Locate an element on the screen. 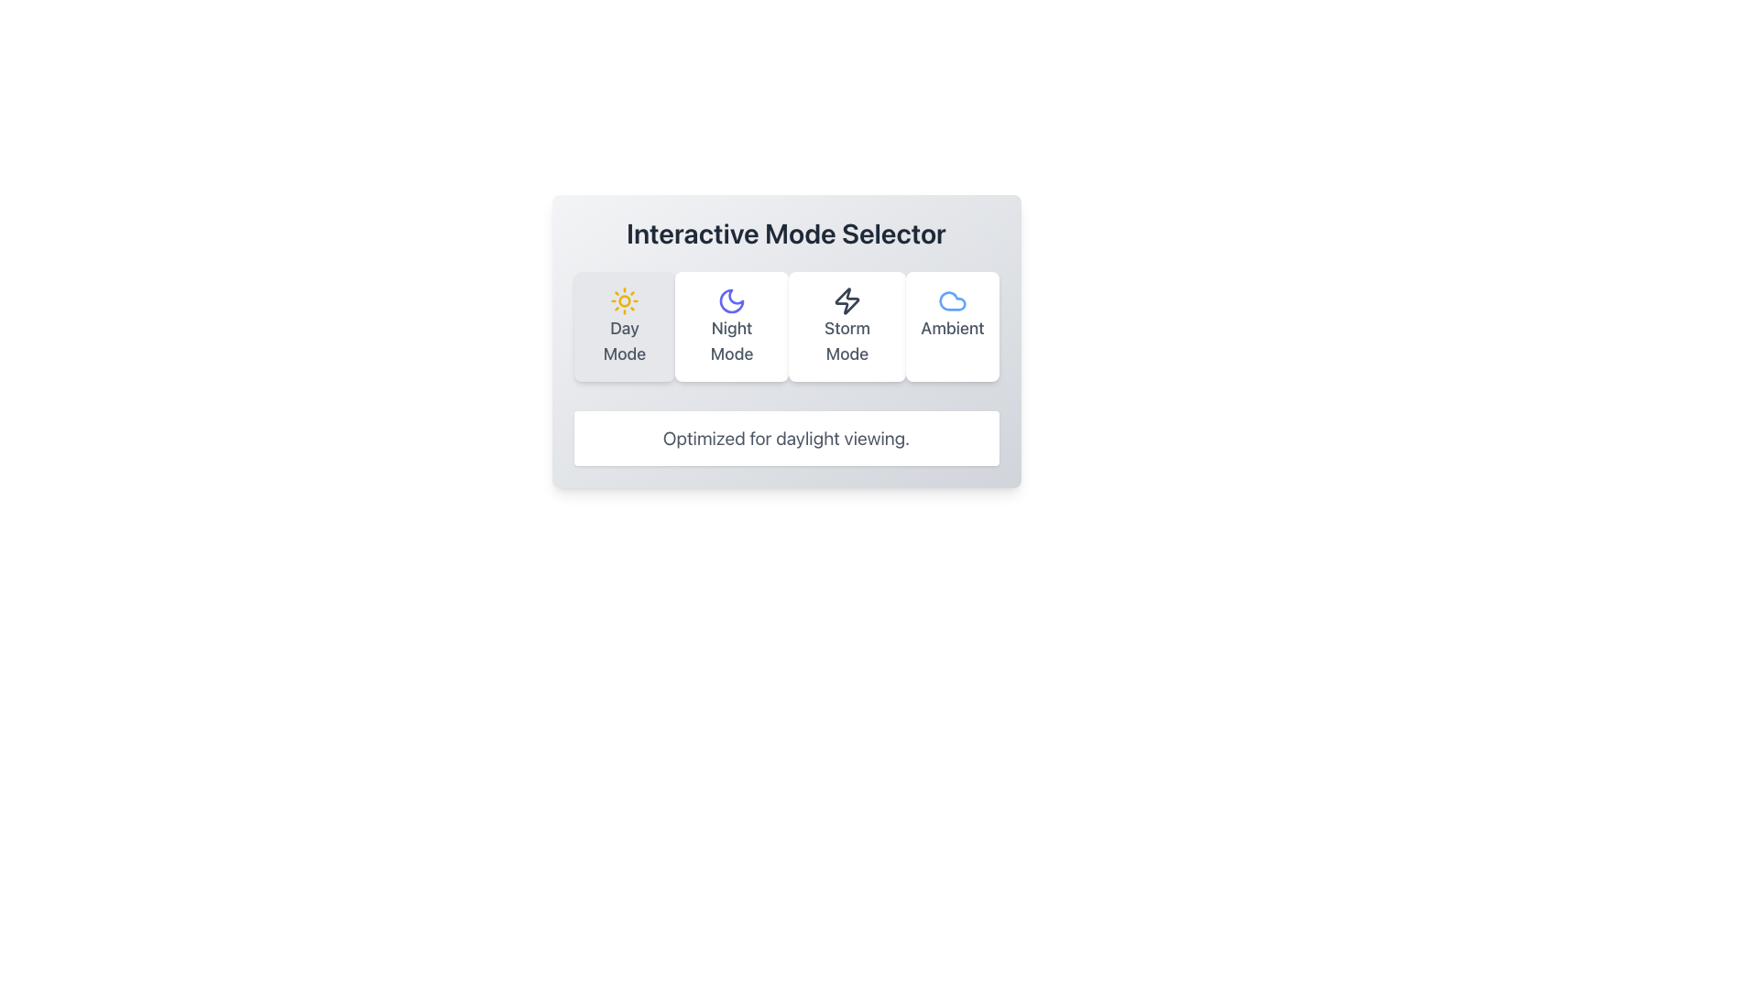 The height and width of the screenshot is (989, 1759). the 'Ambient' mode icon, which is the topmost visual element inside the button labeled 'Ambient' is located at coordinates (952, 299).